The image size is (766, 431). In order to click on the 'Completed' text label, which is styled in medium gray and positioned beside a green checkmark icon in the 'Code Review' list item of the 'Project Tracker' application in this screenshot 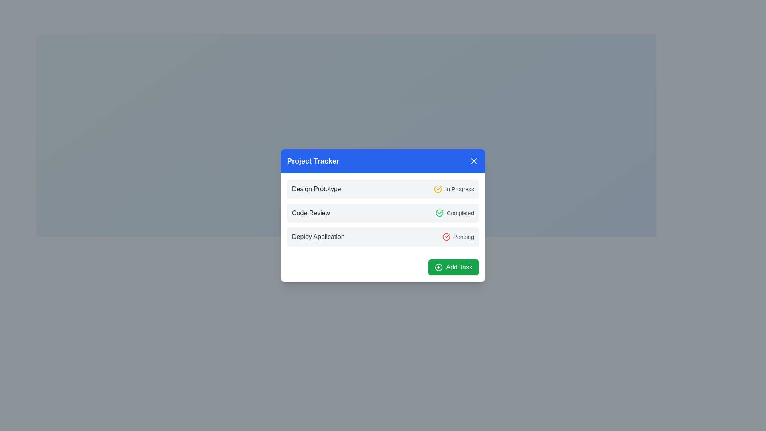, I will do `click(455, 212)`.